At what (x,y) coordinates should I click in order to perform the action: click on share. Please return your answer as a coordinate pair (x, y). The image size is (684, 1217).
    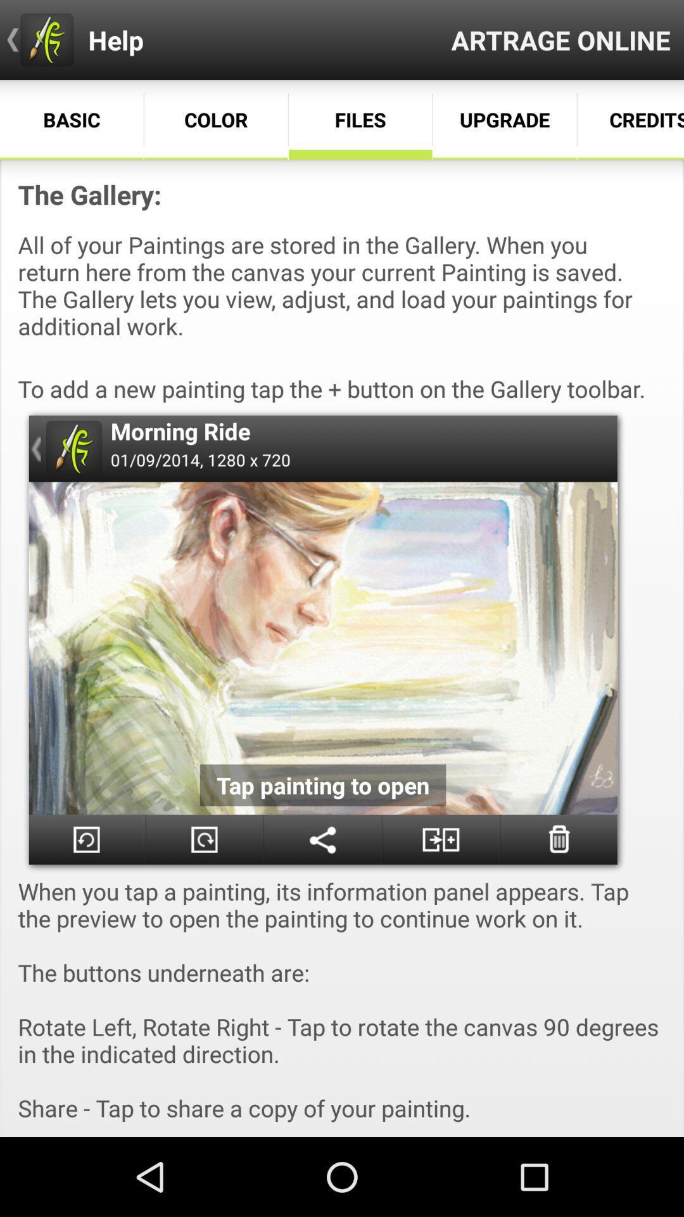
    Looking at the image, I should click on (322, 839).